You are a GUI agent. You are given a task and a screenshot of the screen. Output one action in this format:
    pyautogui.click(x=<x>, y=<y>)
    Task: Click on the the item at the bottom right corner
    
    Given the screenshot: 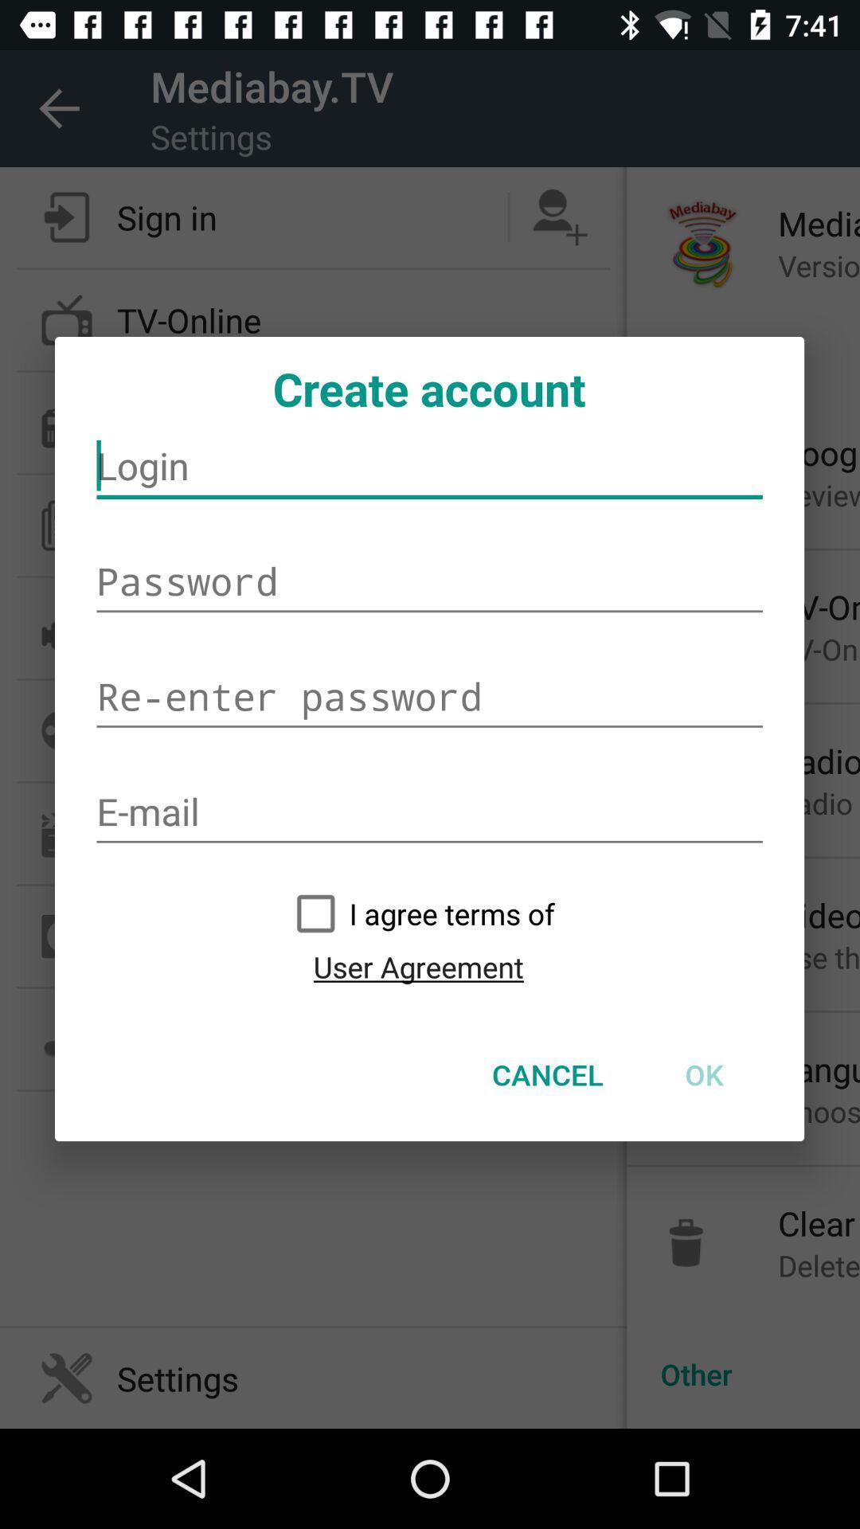 What is the action you would take?
    pyautogui.click(x=703, y=1074)
    